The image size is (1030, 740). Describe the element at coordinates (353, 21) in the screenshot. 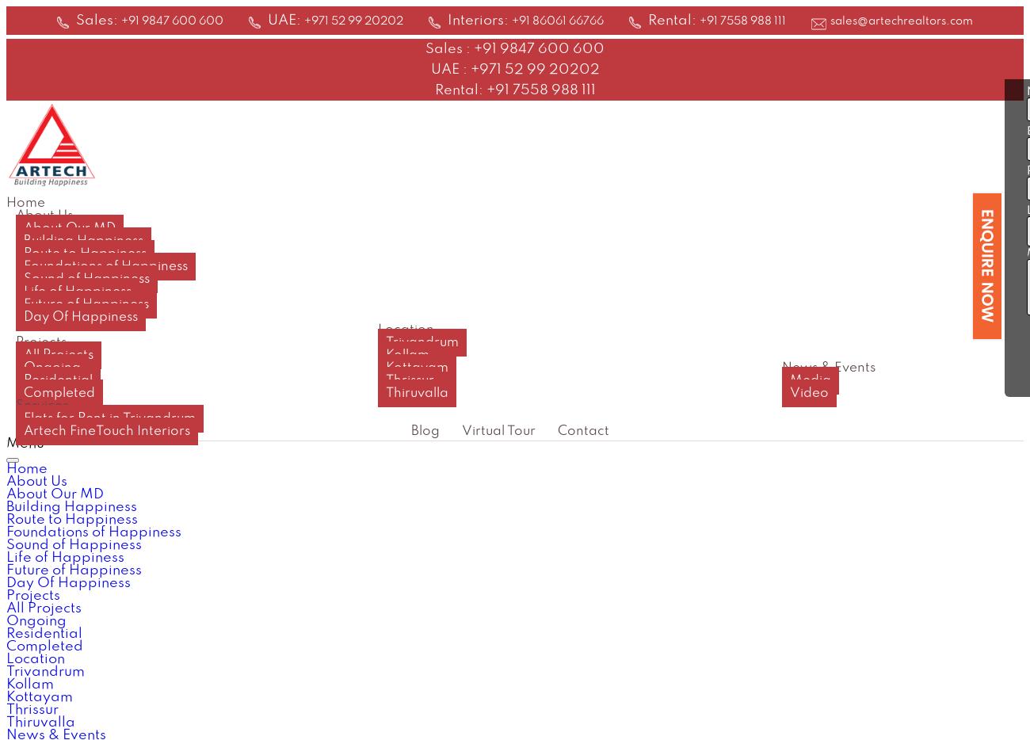

I see `'+971 52 99 20202'` at that location.